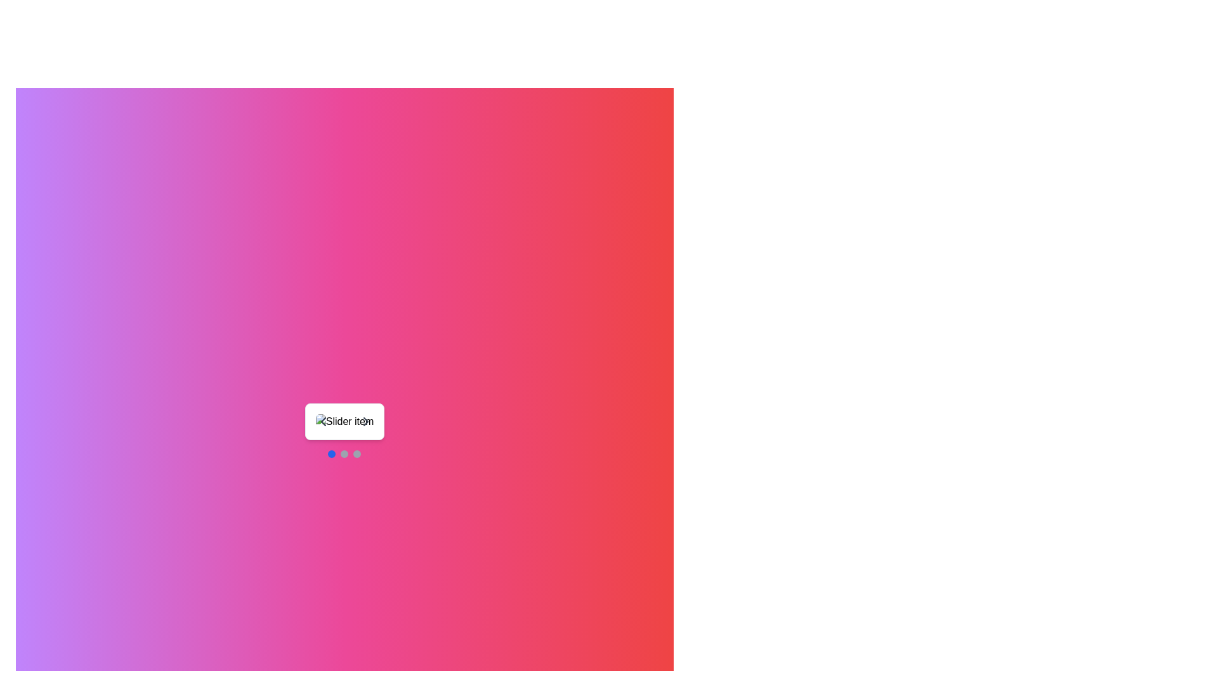 This screenshot has height=685, width=1218. What do you see at coordinates (357, 453) in the screenshot?
I see `the third and last progress indicator located at the bottom middle section of the interface` at bounding box center [357, 453].